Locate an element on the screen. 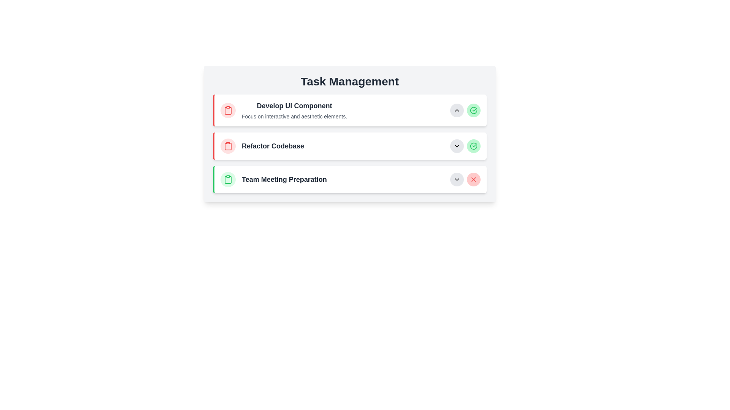 The height and width of the screenshot is (410, 730). the task item titled 'Refactor Codebase' in the task management list, which is situated between 'Develop UI Component' and 'Team Meeting Preparation' is located at coordinates (262, 146).